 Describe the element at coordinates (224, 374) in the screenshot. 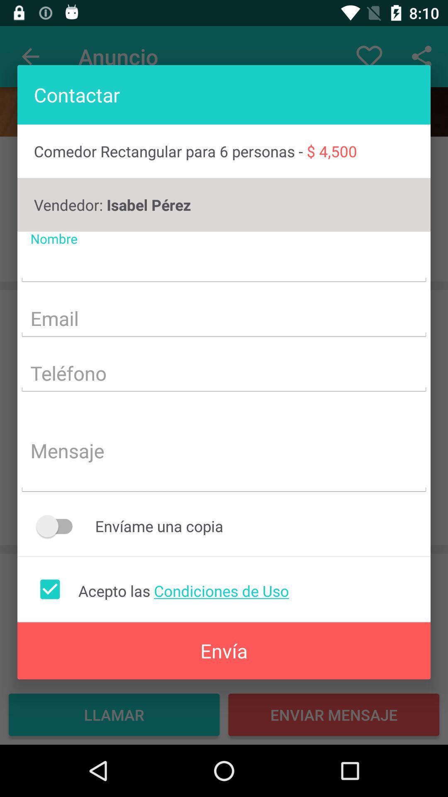

I see `fill up box` at that location.